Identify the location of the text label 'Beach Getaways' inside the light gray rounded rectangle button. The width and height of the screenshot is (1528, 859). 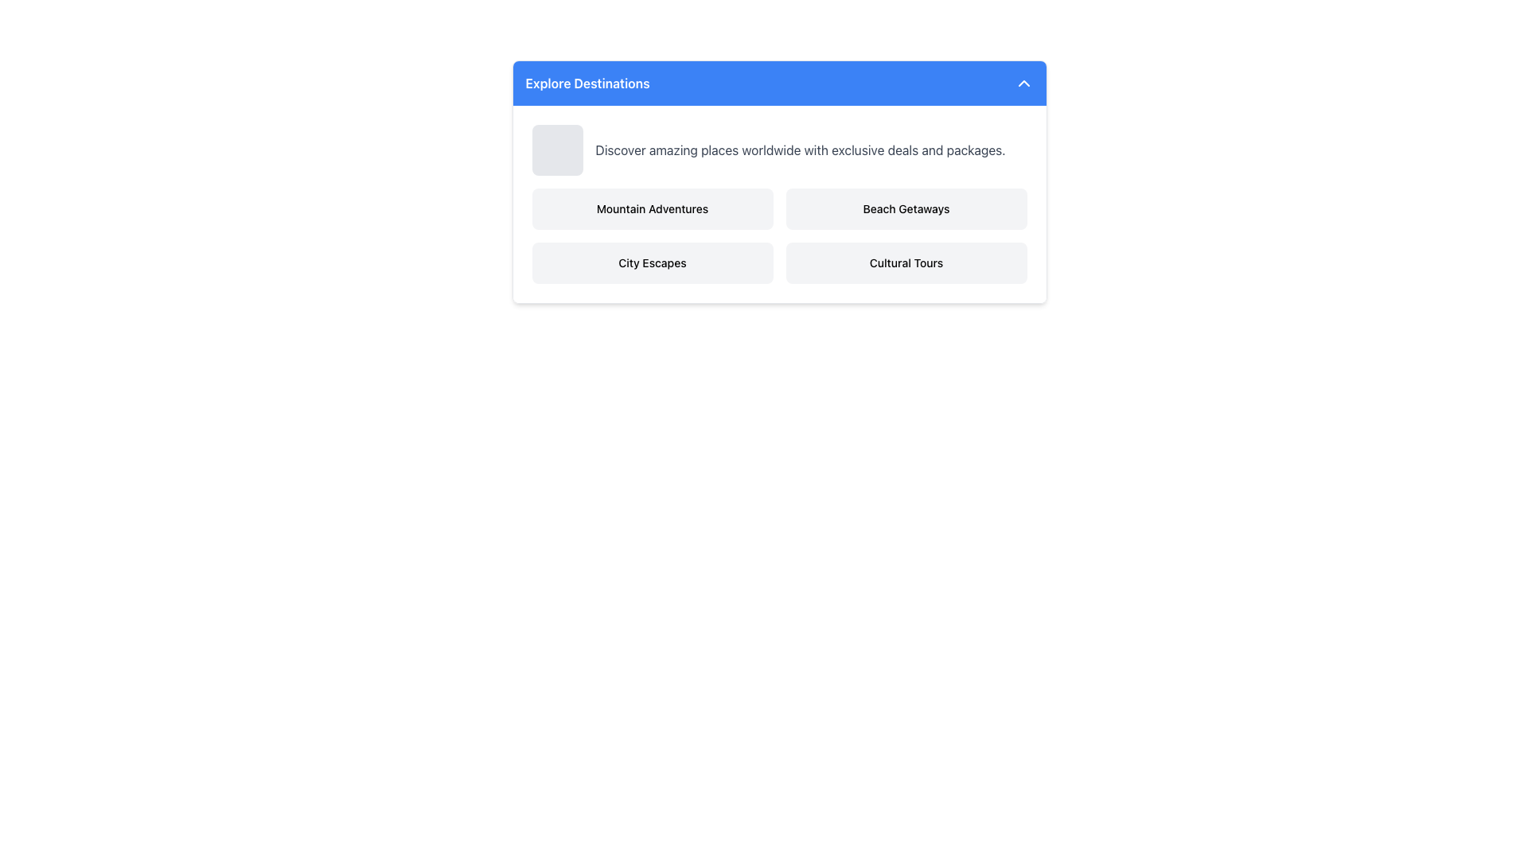
(906, 208).